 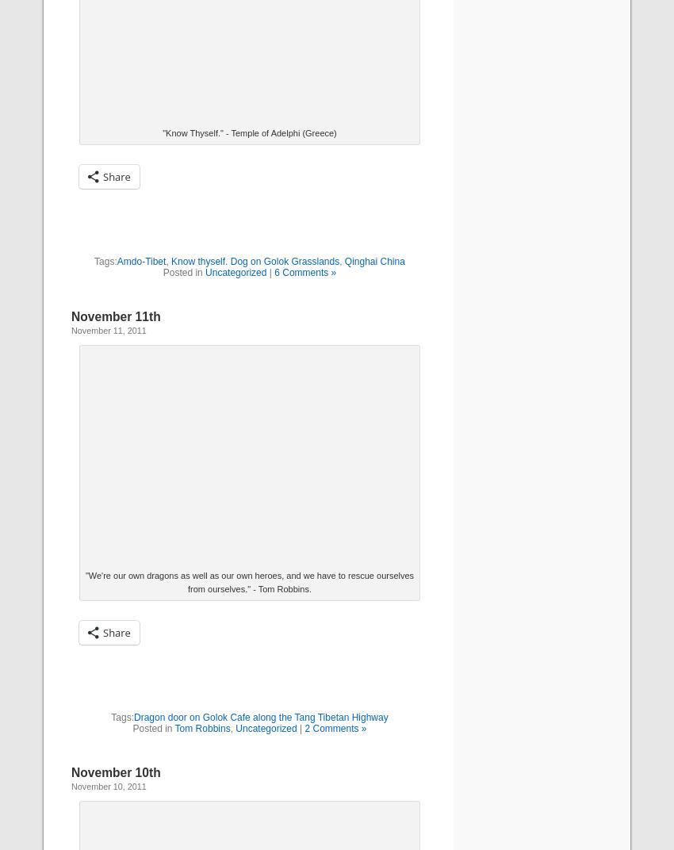 I want to click on 'Tom Robbins', so click(x=202, y=729).